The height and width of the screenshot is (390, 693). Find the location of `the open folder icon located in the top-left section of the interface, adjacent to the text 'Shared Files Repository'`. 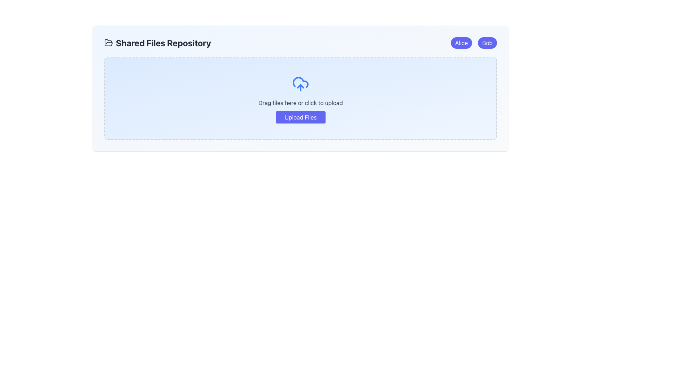

the open folder icon located in the top-left section of the interface, adjacent to the text 'Shared Files Repository' is located at coordinates (108, 43).